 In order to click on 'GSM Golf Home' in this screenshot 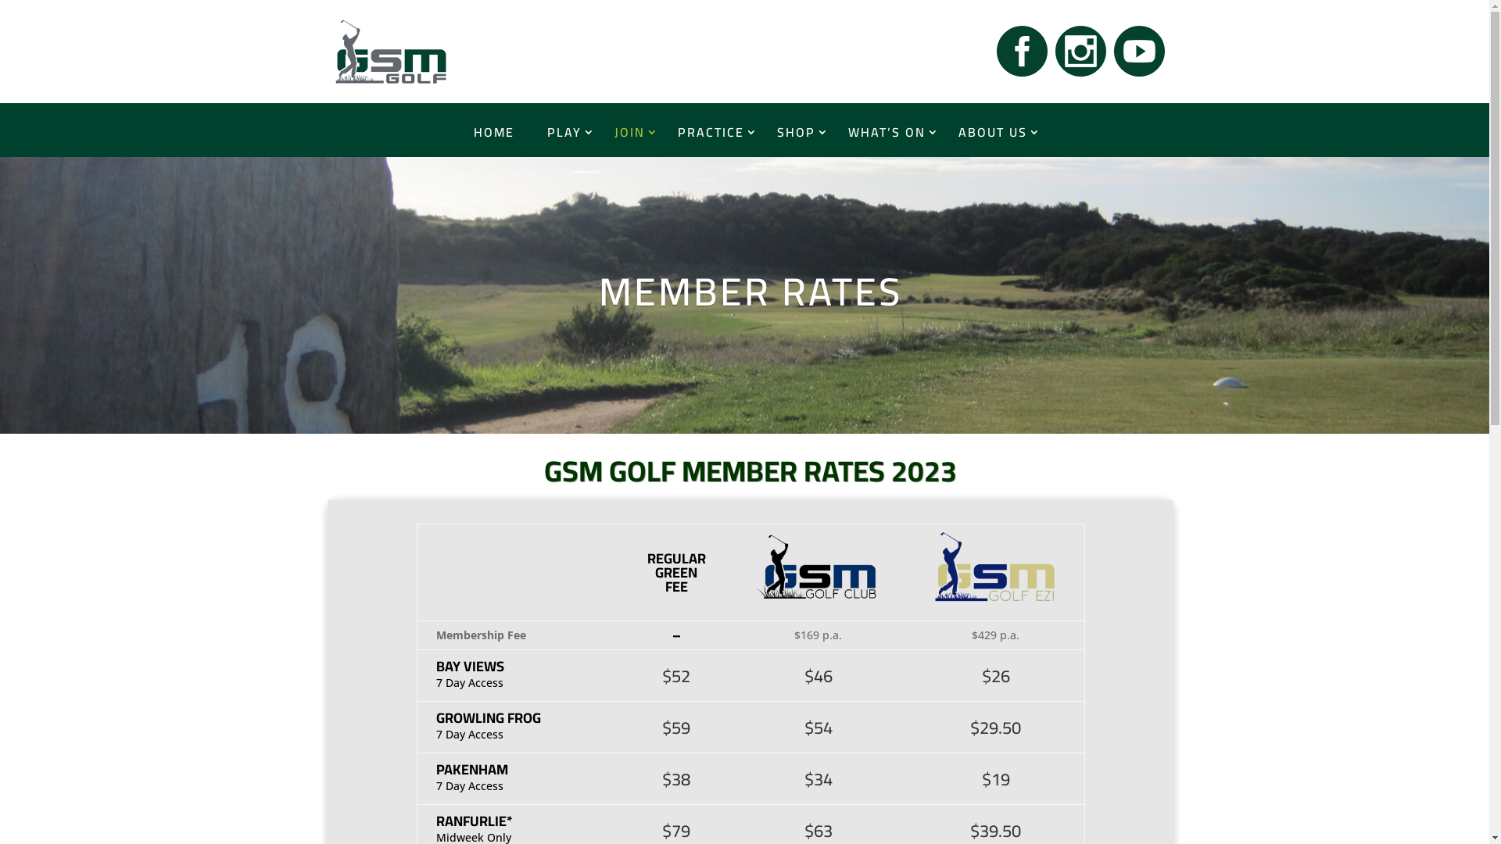, I will do `click(387, 50)`.